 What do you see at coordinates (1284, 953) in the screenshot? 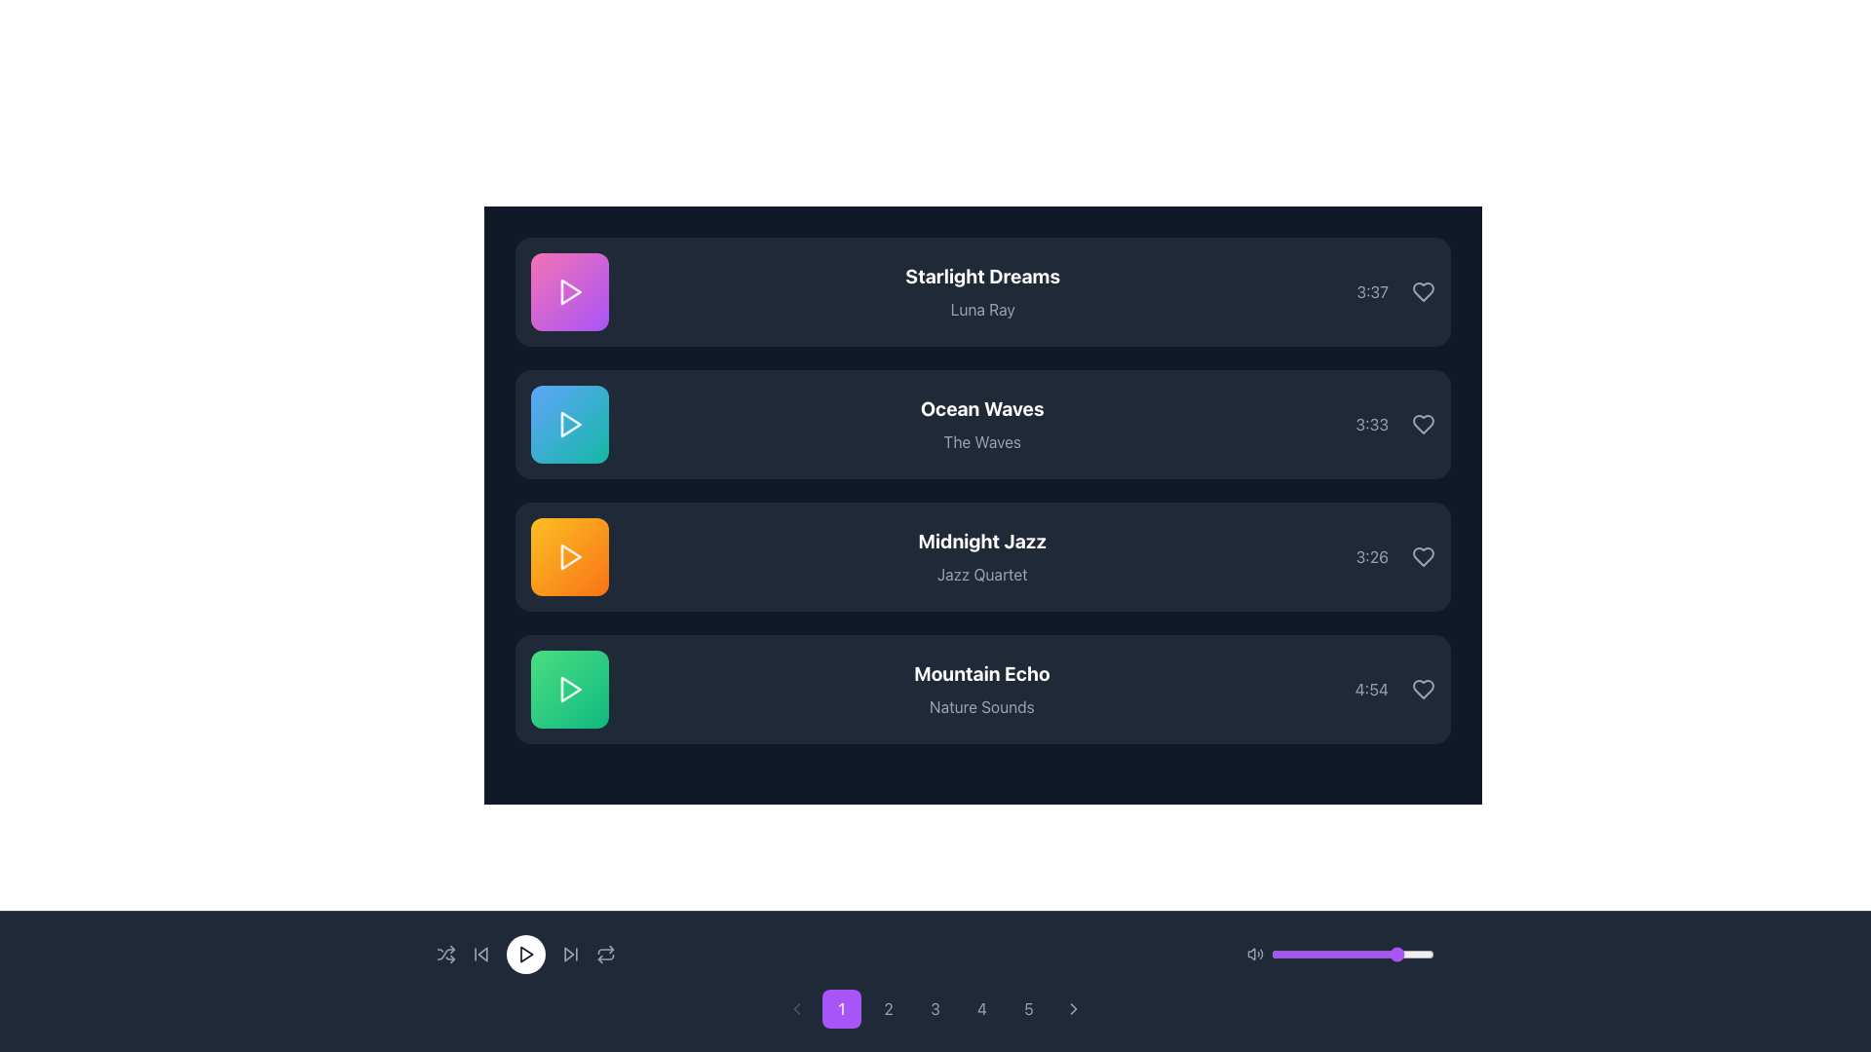
I see `the slider value` at bounding box center [1284, 953].